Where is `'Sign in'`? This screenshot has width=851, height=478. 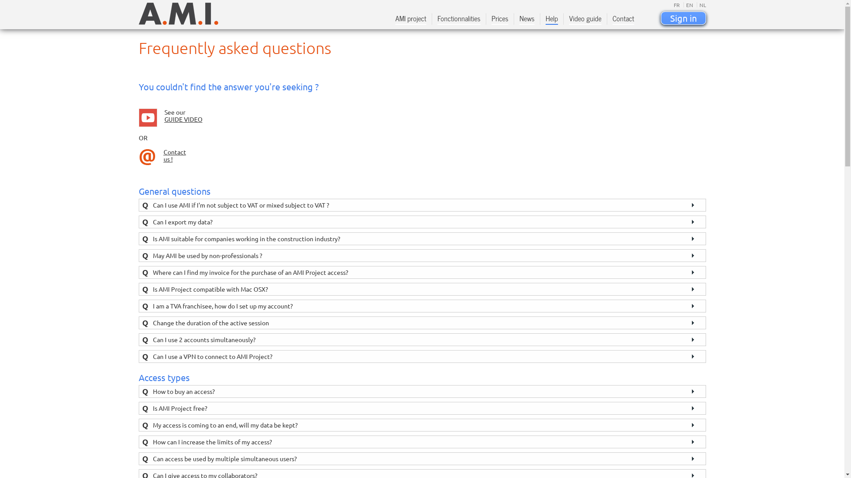 'Sign in' is located at coordinates (660, 18).